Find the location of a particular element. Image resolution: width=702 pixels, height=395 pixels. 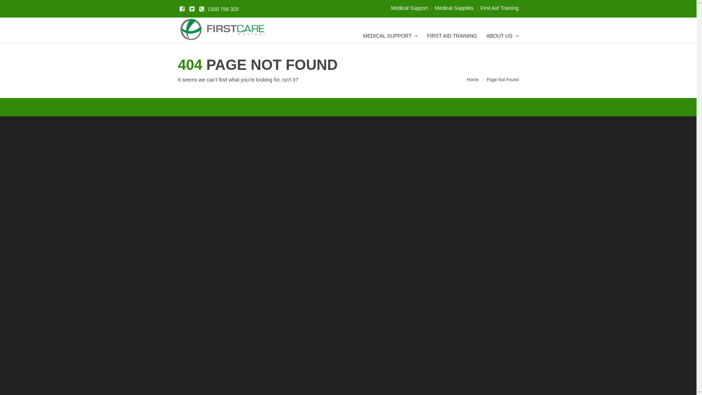

'ABOUT US' is located at coordinates (486, 36).